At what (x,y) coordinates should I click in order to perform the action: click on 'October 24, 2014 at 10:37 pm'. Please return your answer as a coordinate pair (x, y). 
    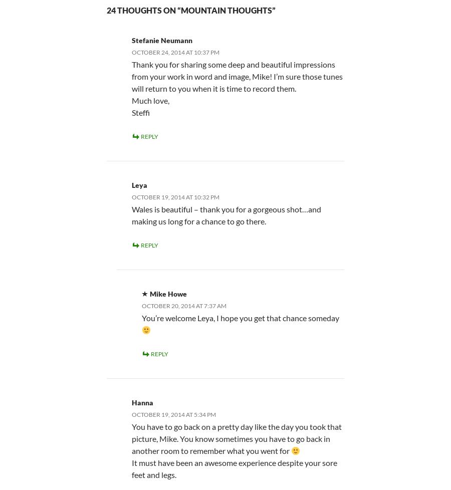
    Looking at the image, I should click on (175, 52).